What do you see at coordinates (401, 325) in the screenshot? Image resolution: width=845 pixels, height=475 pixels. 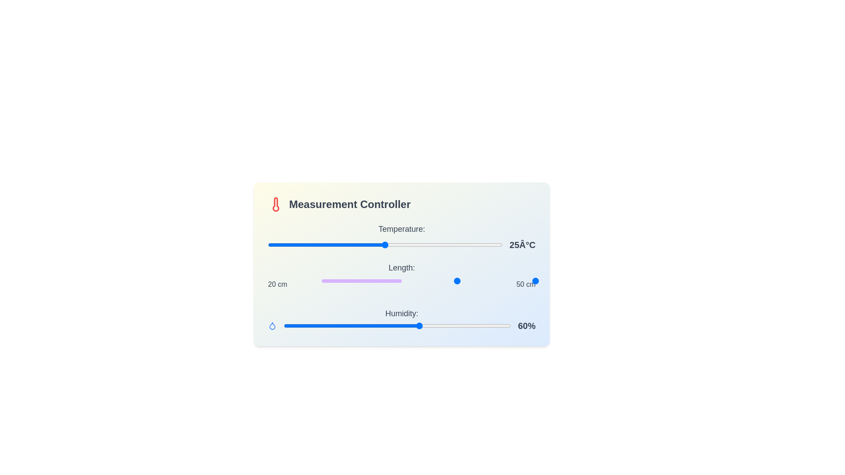 I see `the horizontal blue progress bar slider indicating 60% value in the 'Humidity' section` at bounding box center [401, 325].